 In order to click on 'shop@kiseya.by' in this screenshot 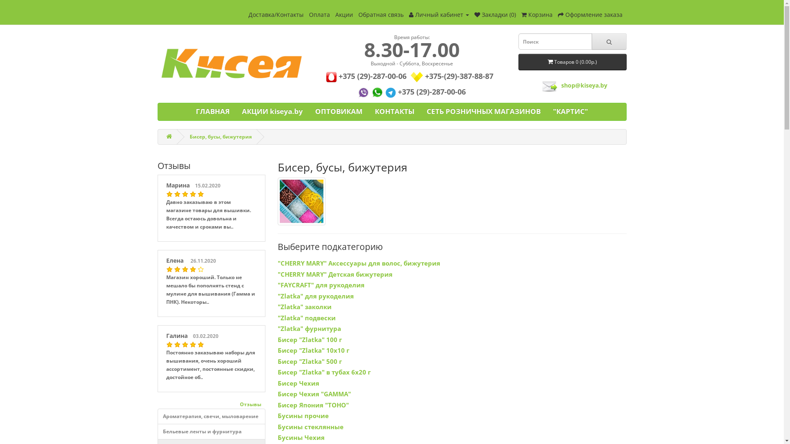, I will do `click(560, 86)`.